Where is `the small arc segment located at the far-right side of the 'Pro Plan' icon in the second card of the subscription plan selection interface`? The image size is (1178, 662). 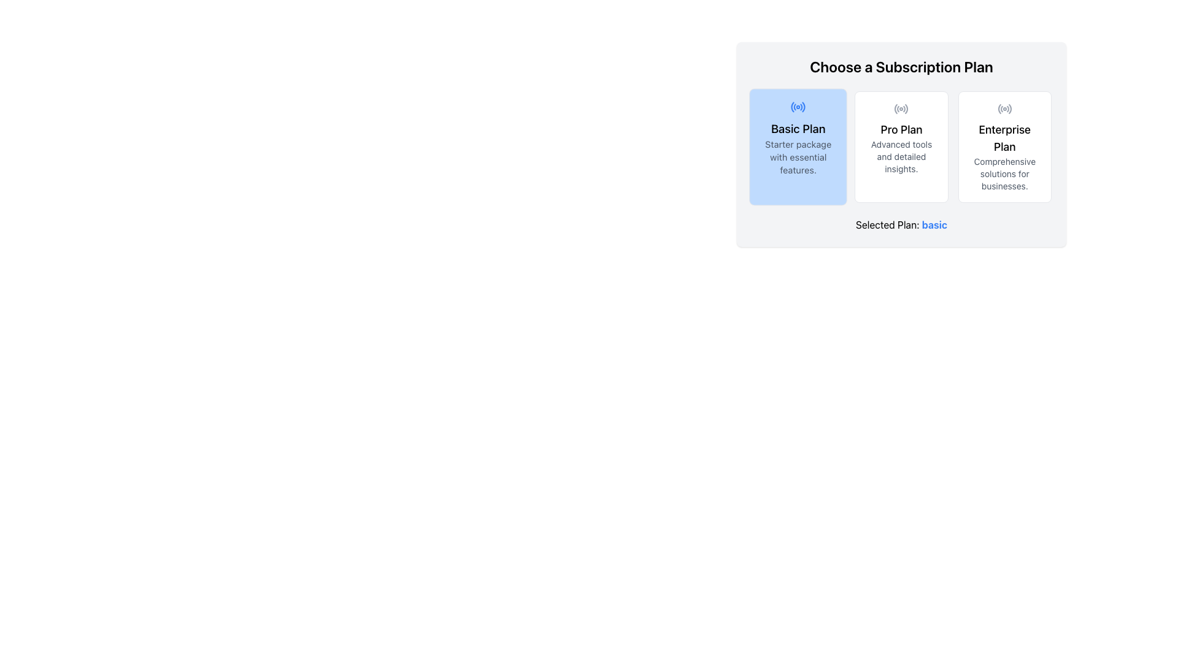
the small arc segment located at the far-right side of the 'Pro Plan' icon in the second card of the subscription plan selection interface is located at coordinates (907, 108).